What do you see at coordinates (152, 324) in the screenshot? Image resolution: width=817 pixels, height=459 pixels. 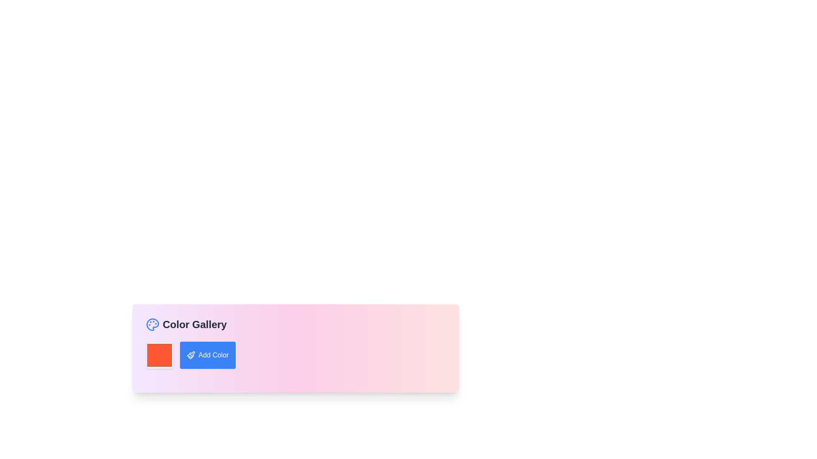 I see `the painter's palette icon in the 'Color Gallery' section, which is located at the top-left preceding the title text 'Color Gallery'` at bounding box center [152, 324].